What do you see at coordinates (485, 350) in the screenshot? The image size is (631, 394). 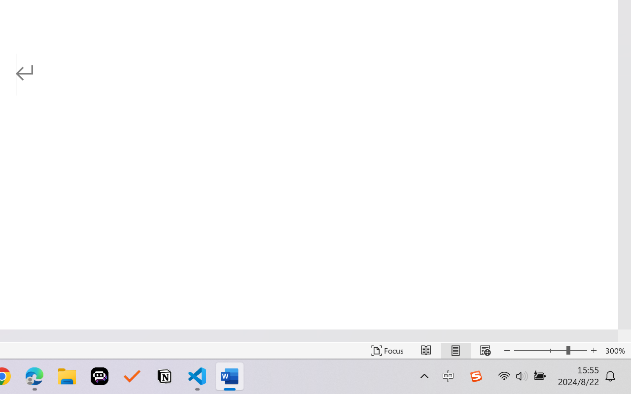 I see `'Web Layout'` at bounding box center [485, 350].